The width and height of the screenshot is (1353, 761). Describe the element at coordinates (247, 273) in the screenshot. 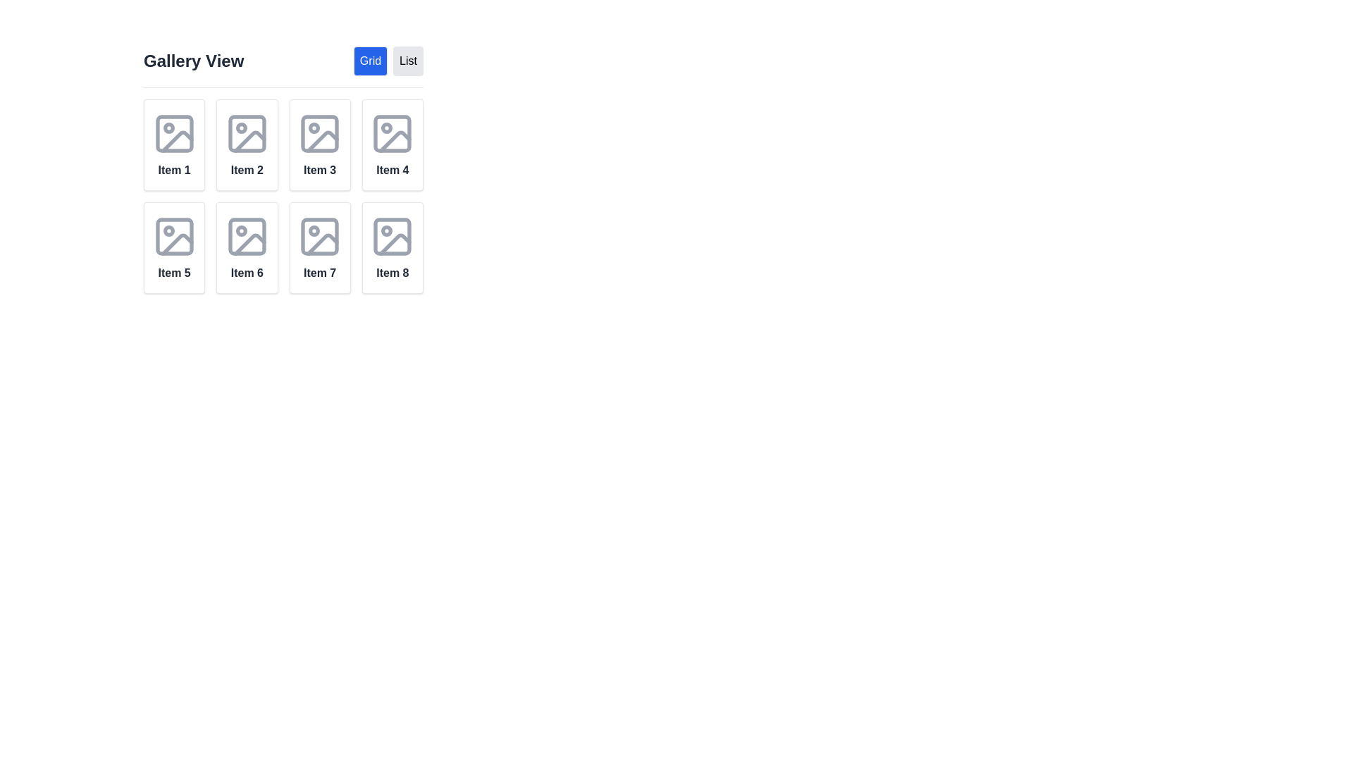

I see `the text label styled with a bold font and dark gray color reading 'Item 6', located below the image representation within the card labeled 'Item 6' in the second row and second column of the grid layout` at that location.